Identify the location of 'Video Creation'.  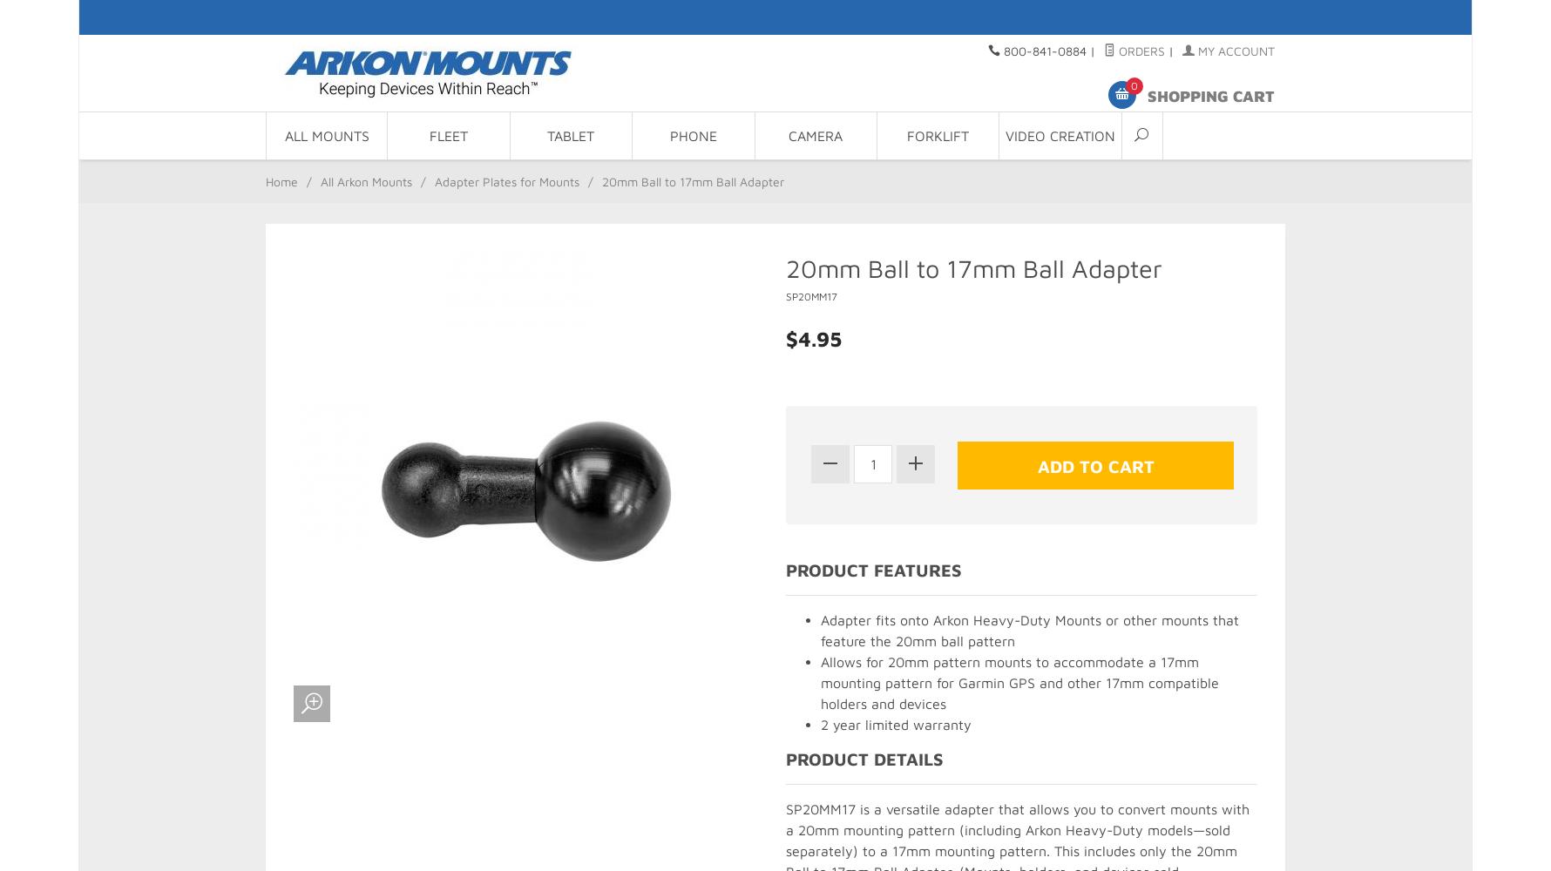
(1004, 136).